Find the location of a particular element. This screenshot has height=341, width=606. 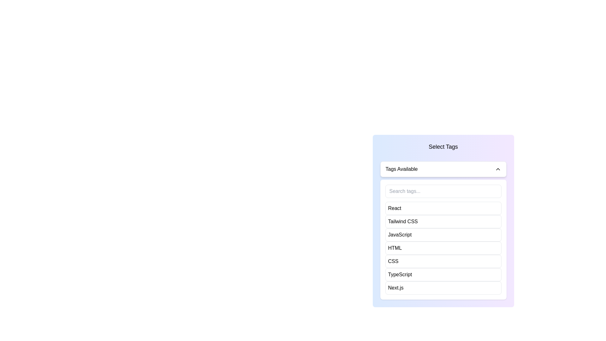

the 'CSS' button located in the fifth position of the vertically stacked list of buttons within the 'Tags Available' dropdown menu is located at coordinates (443, 261).